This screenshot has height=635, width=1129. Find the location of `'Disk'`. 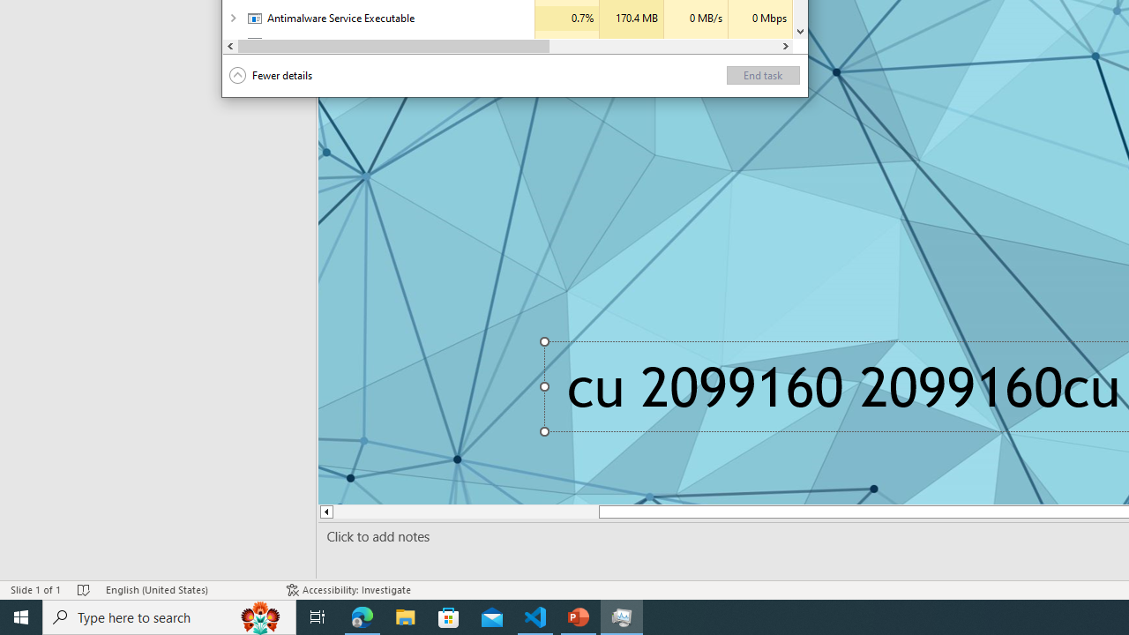

'Disk' is located at coordinates (695, 42).